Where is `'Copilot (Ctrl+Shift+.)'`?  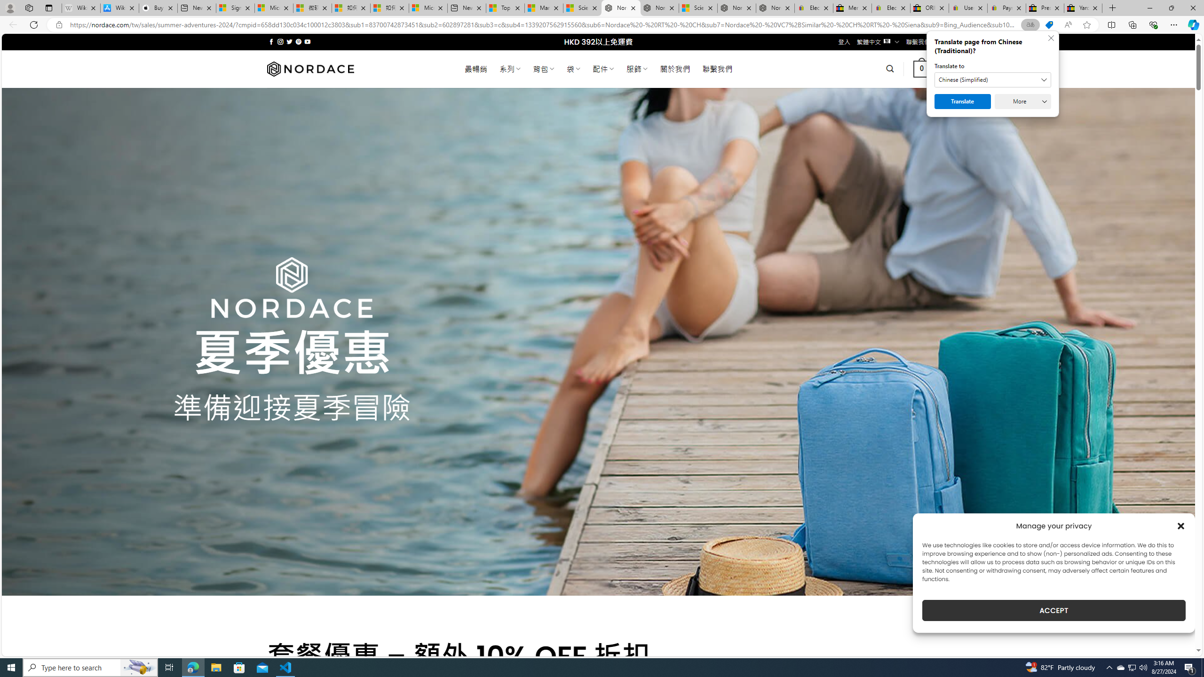
'Copilot (Ctrl+Shift+.)' is located at coordinates (1192, 24).